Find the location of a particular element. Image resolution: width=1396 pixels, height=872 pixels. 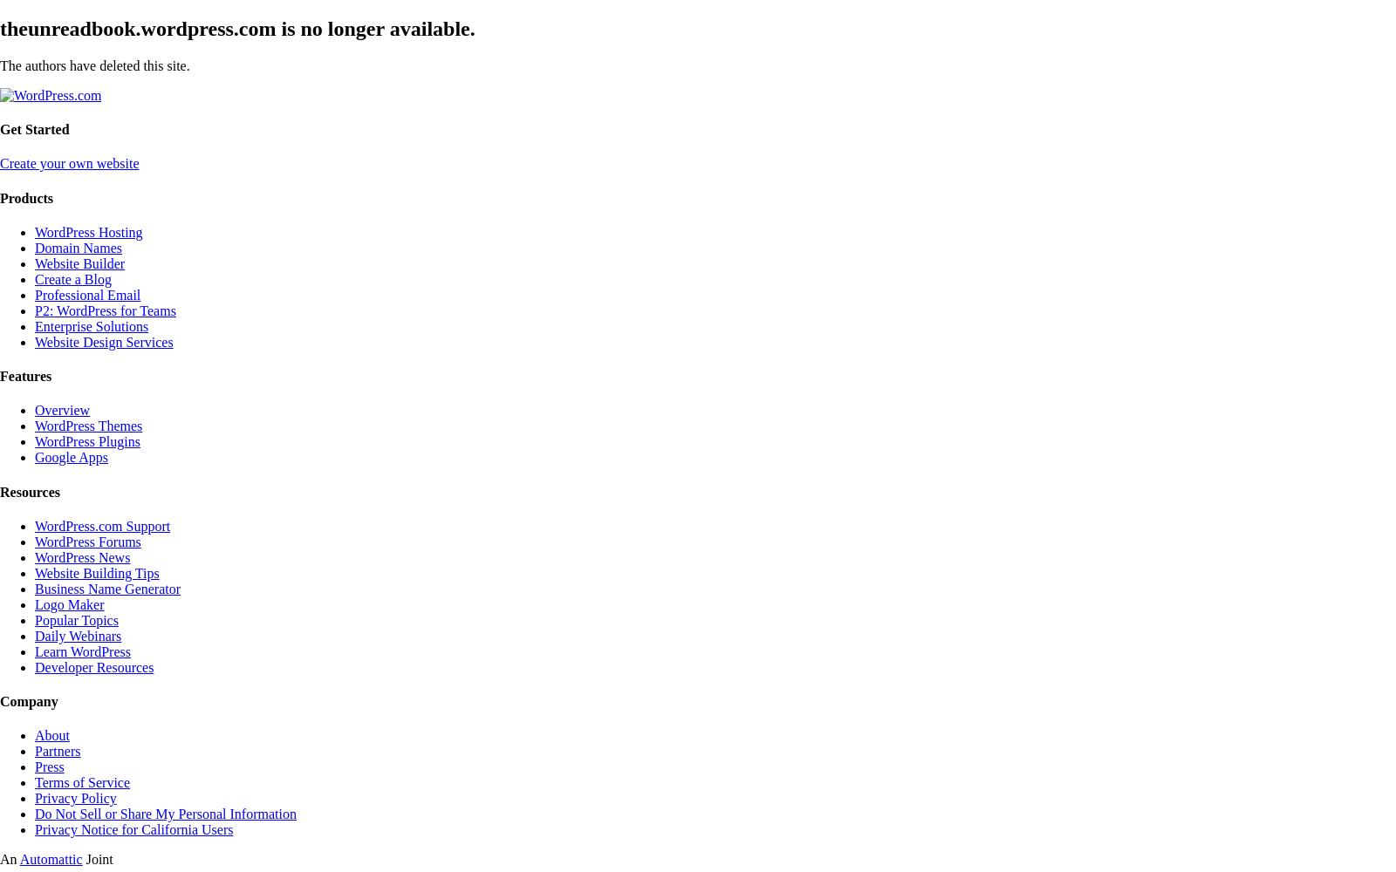

'Overview' is located at coordinates (61, 409).